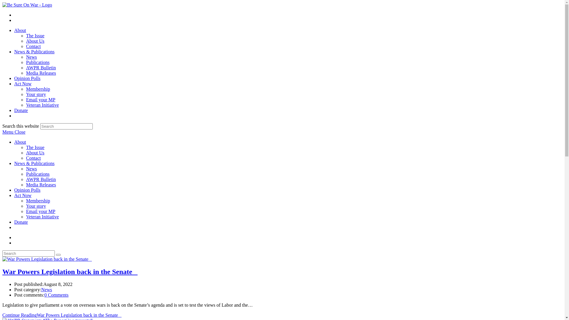  Describe the element at coordinates (21, 222) in the screenshot. I see `'Donate'` at that location.